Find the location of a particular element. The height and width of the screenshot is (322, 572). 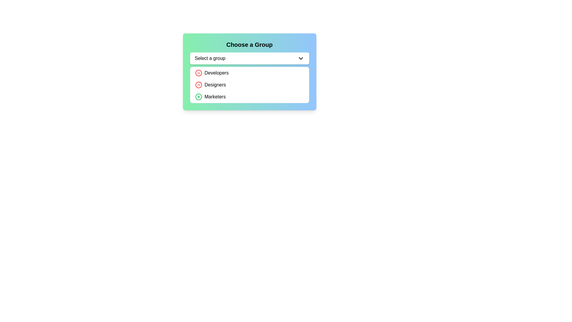

the circular outline SVG element associated with the 'Marketers' list item in the dropdown menu, located at the leftmost side of the row is located at coordinates (198, 96).